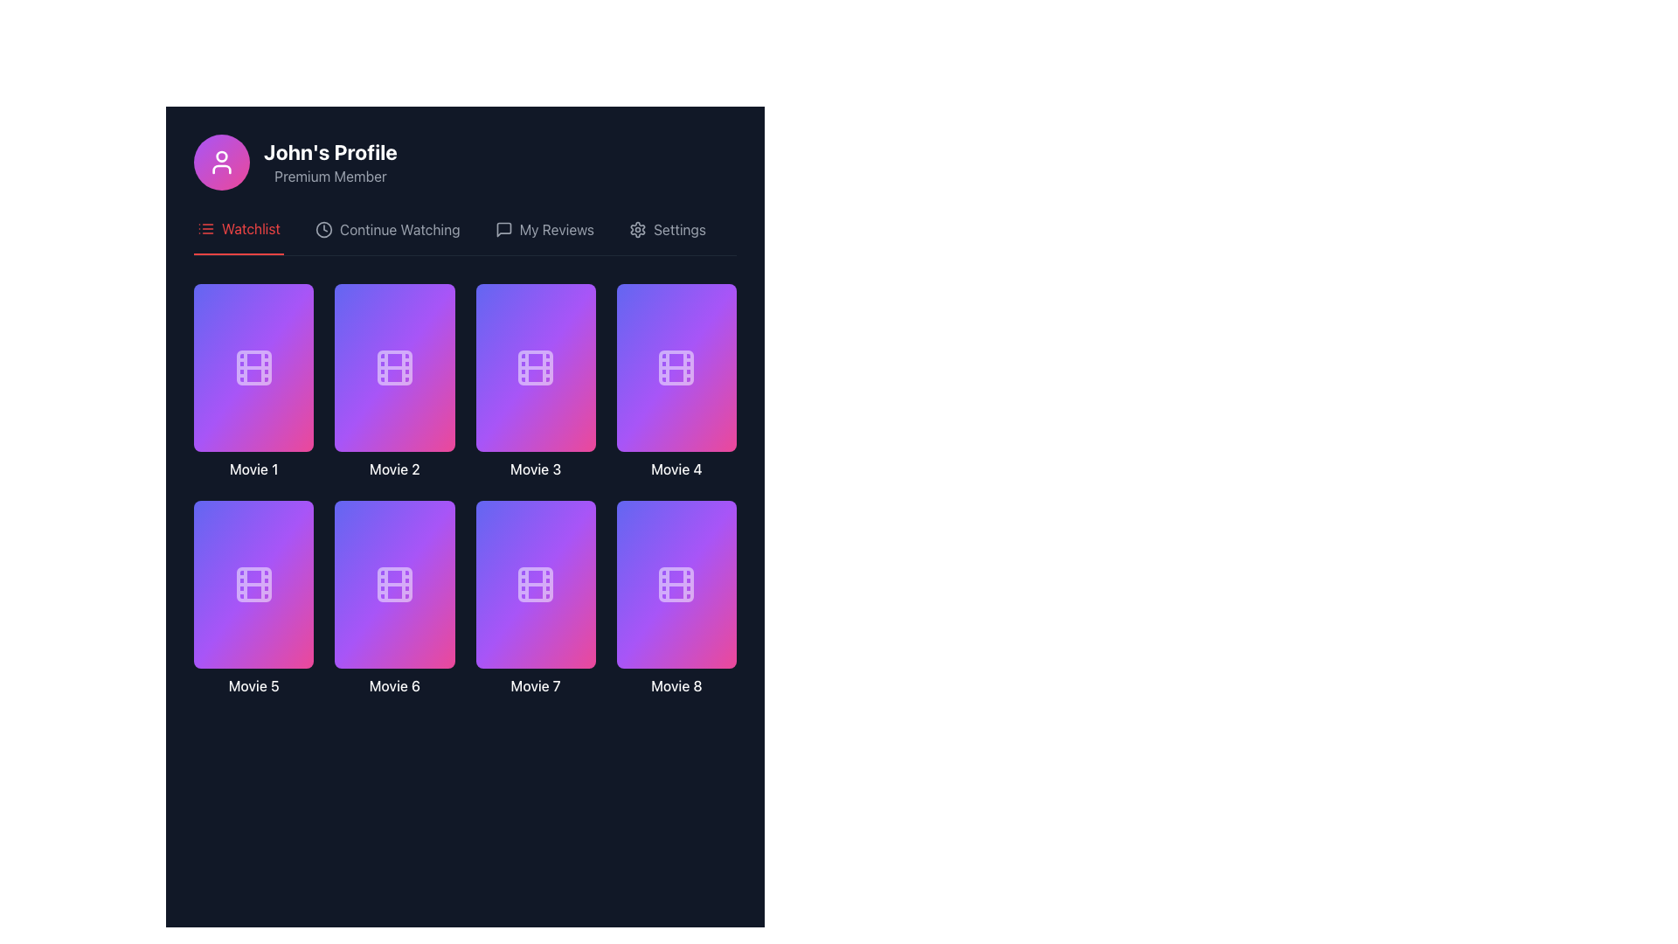 The height and width of the screenshot is (944, 1678). Describe the element at coordinates (676, 576) in the screenshot. I see `the play icon button within the eighth movie tile labeled 'Movie 8' to reveal its accessibility details` at that location.